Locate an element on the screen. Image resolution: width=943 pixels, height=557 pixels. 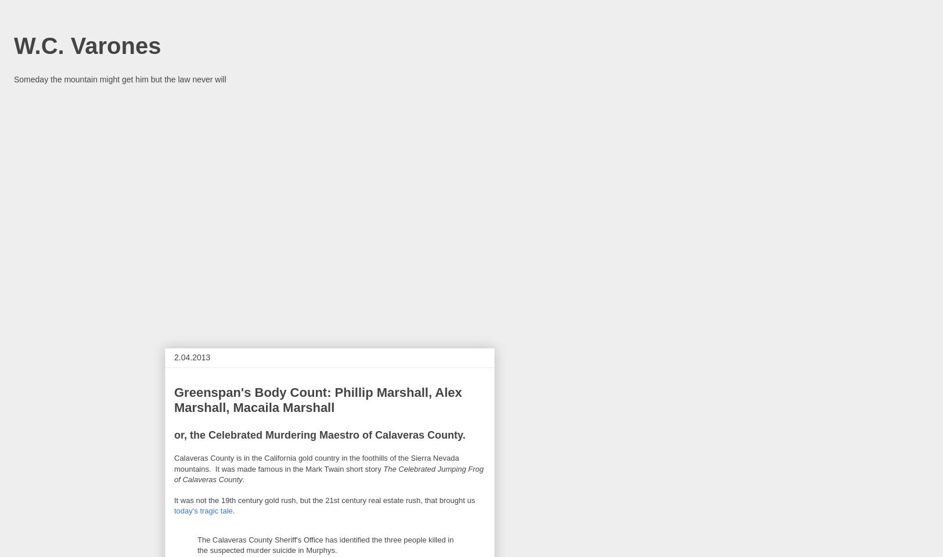
'W.C. Varones' is located at coordinates (87, 45).